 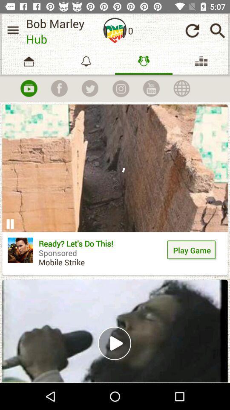 What do you see at coordinates (29, 88) in the screenshot?
I see `music` at bounding box center [29, 88].